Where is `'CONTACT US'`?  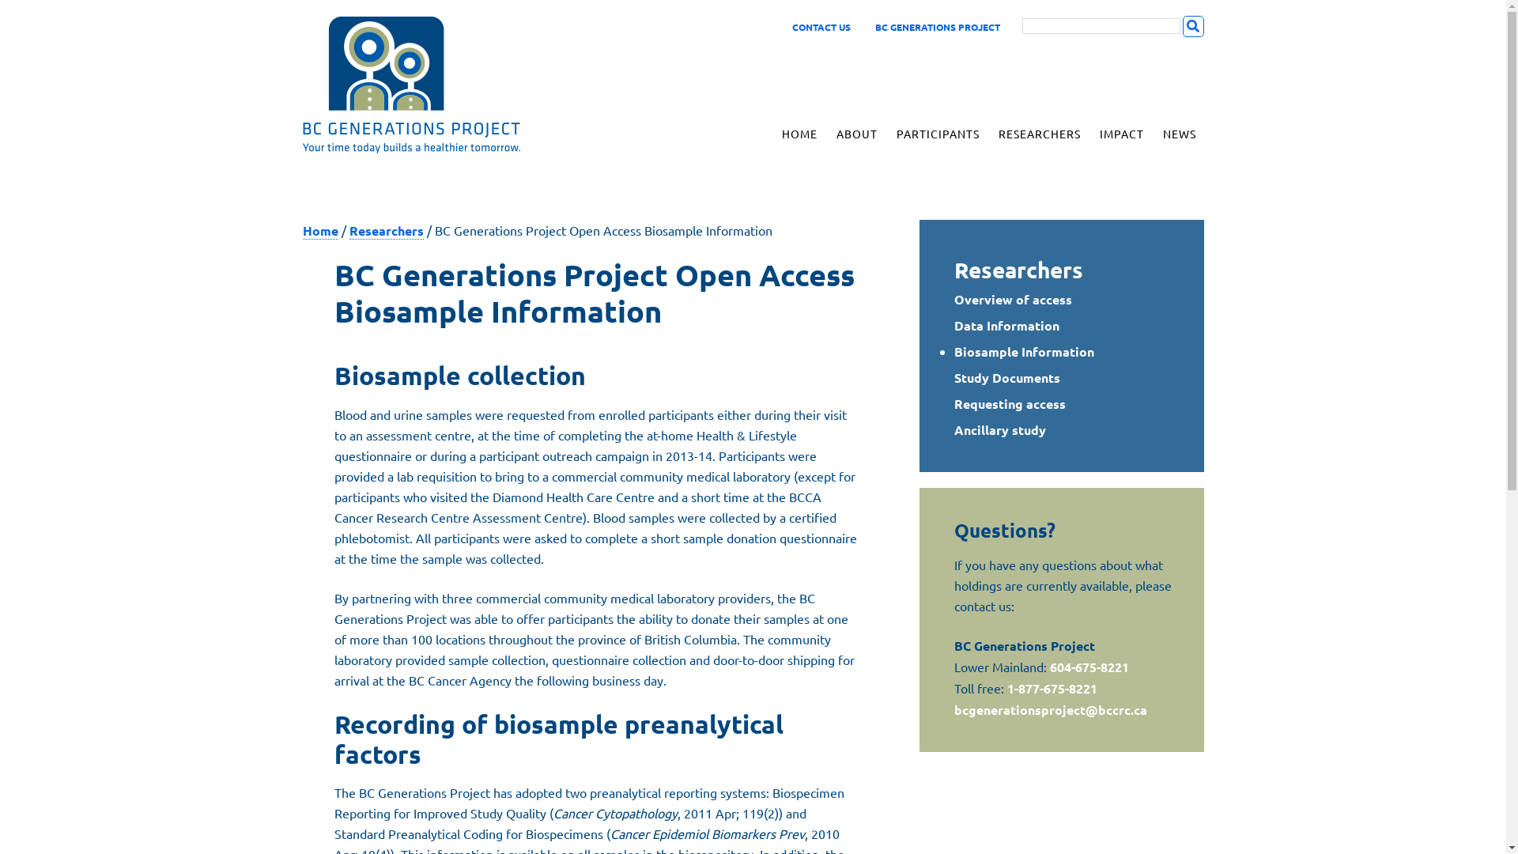 'CONTACT US' is located at coordinates (821, 27).